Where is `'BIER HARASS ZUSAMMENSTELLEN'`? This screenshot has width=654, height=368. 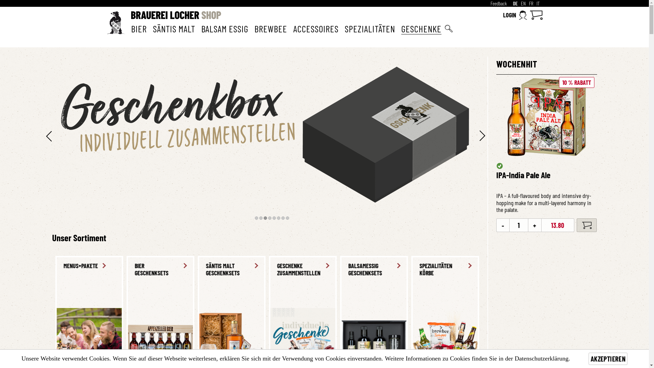 'BIER HARASS ZUSAMMENSTELLEN' is located at coordinates (228, 269).